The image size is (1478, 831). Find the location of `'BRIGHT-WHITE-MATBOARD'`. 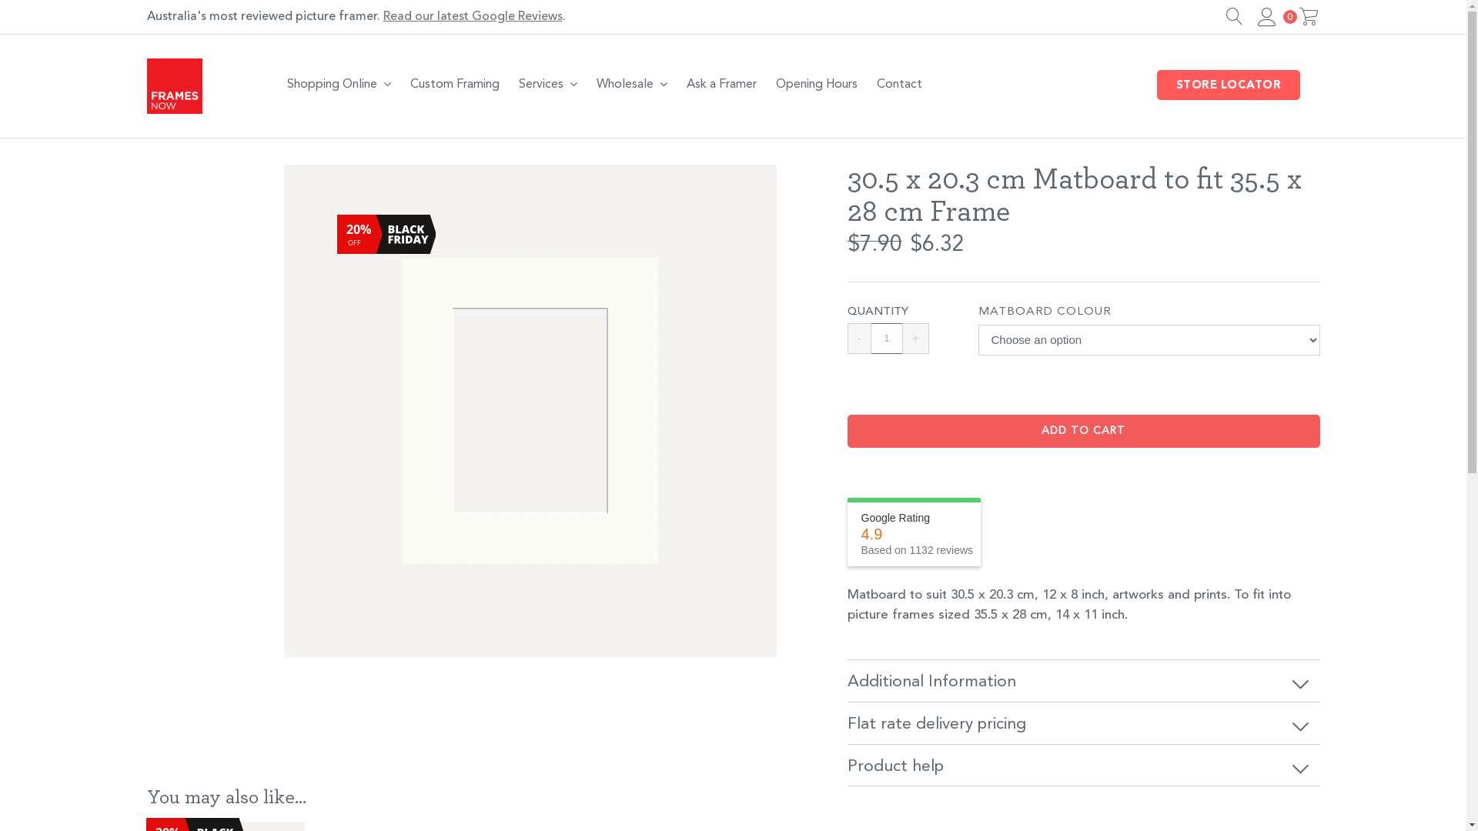

'BRIGHT-WHITE-MATBOARD' is located at coordinates (529, 409).